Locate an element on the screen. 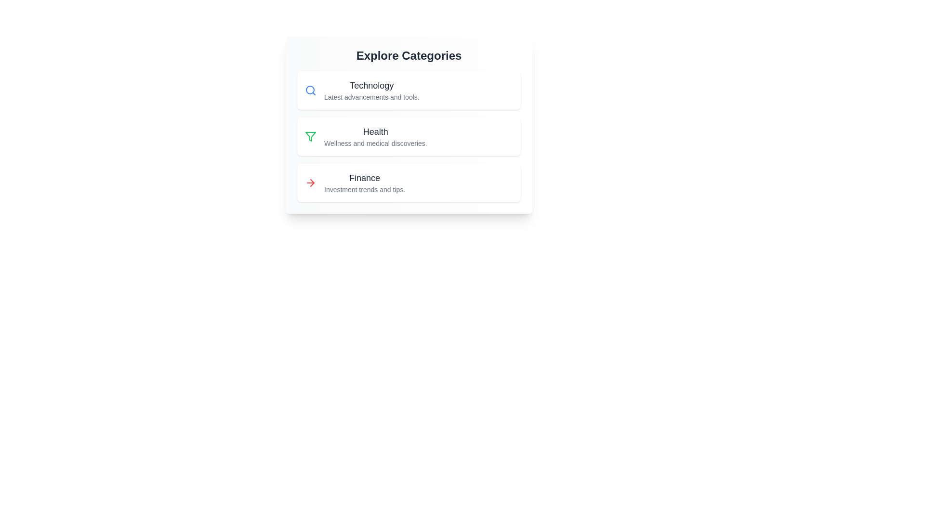  the category Technology to observe its hover effects is located at coordinates (409, 91).